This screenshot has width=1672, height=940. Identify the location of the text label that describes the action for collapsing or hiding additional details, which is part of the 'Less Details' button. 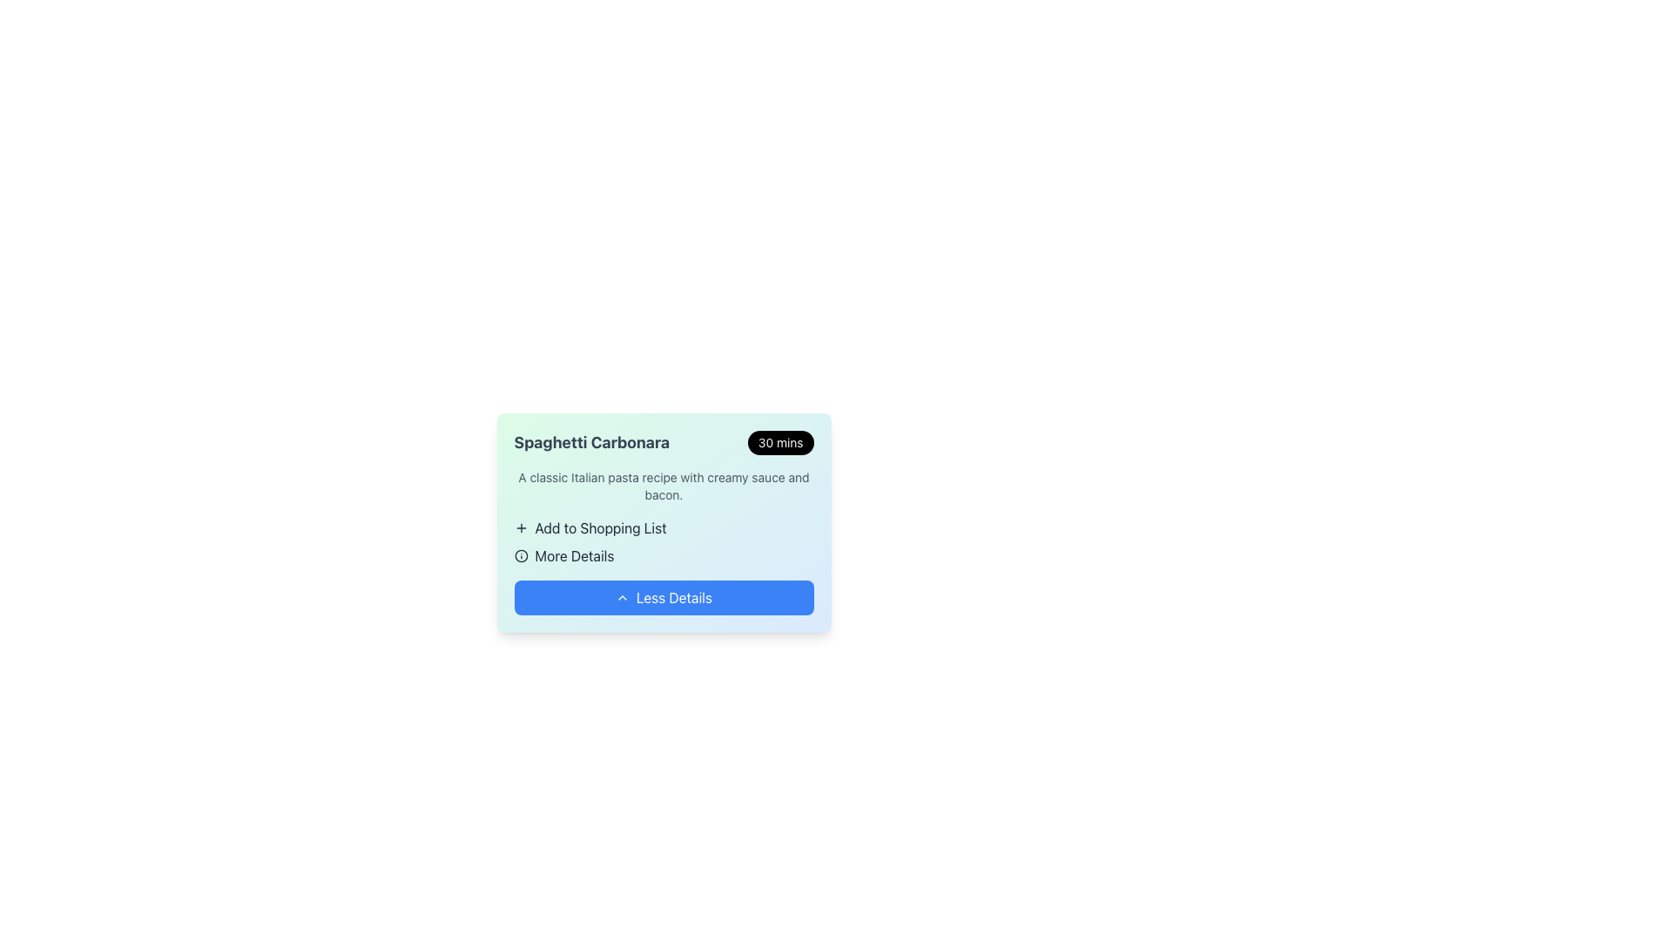
(673, 596).